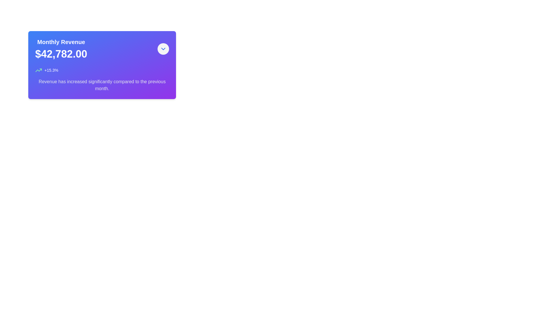 The width and height of the screenshot is (554, 311). I want to click on the Text Display showing the monetary value '$42,782.00' which is centrally located below the 'Monthly Revenue' title in a card-like structure with a gradient purple background, so click(61, 54).